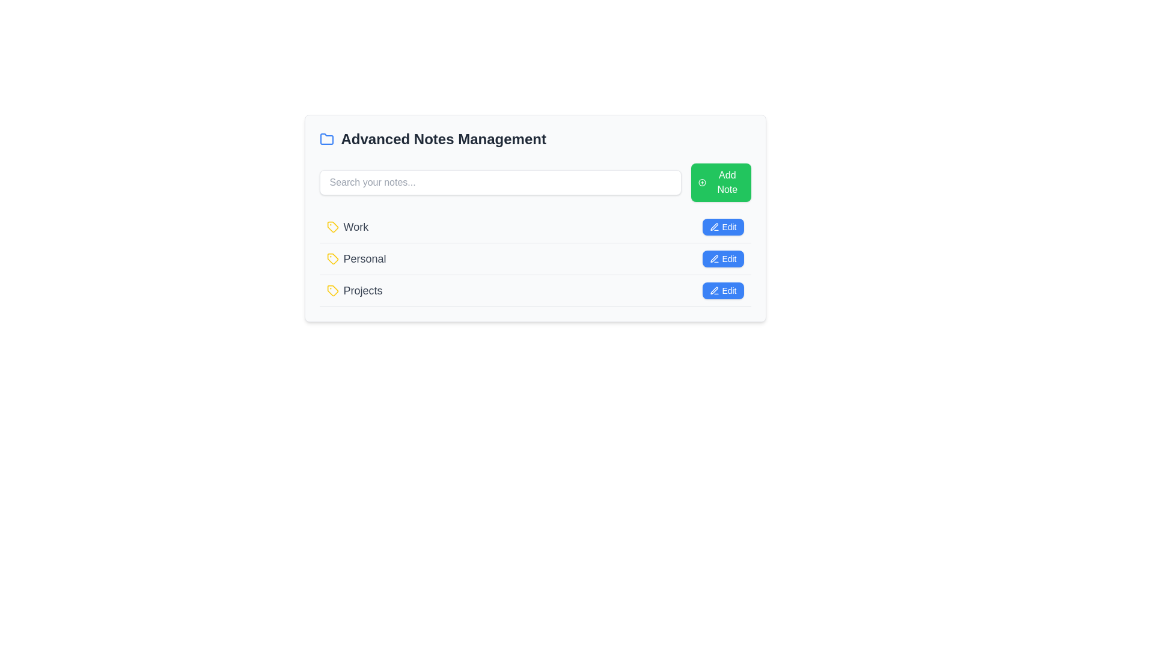 The width and height of the screenshot is (1154, 649). Describe the element at coordinates (326, 138) in the screenshot. I see `the folder icon with a blue outline and white background, located in the header section, to the left of the text 'Advanced Notes Management'` at that location.